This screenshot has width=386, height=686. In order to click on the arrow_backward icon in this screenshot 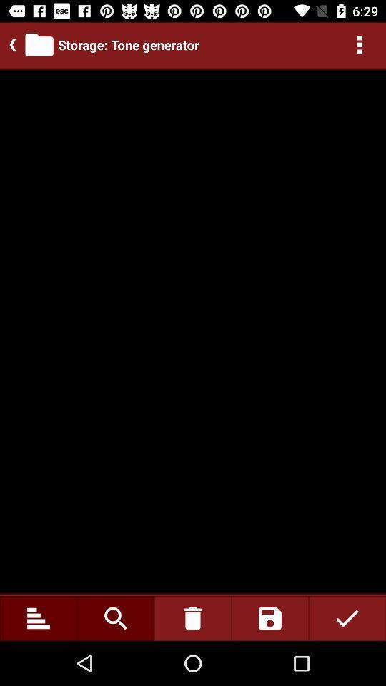, I will do `click(9, 44)`.